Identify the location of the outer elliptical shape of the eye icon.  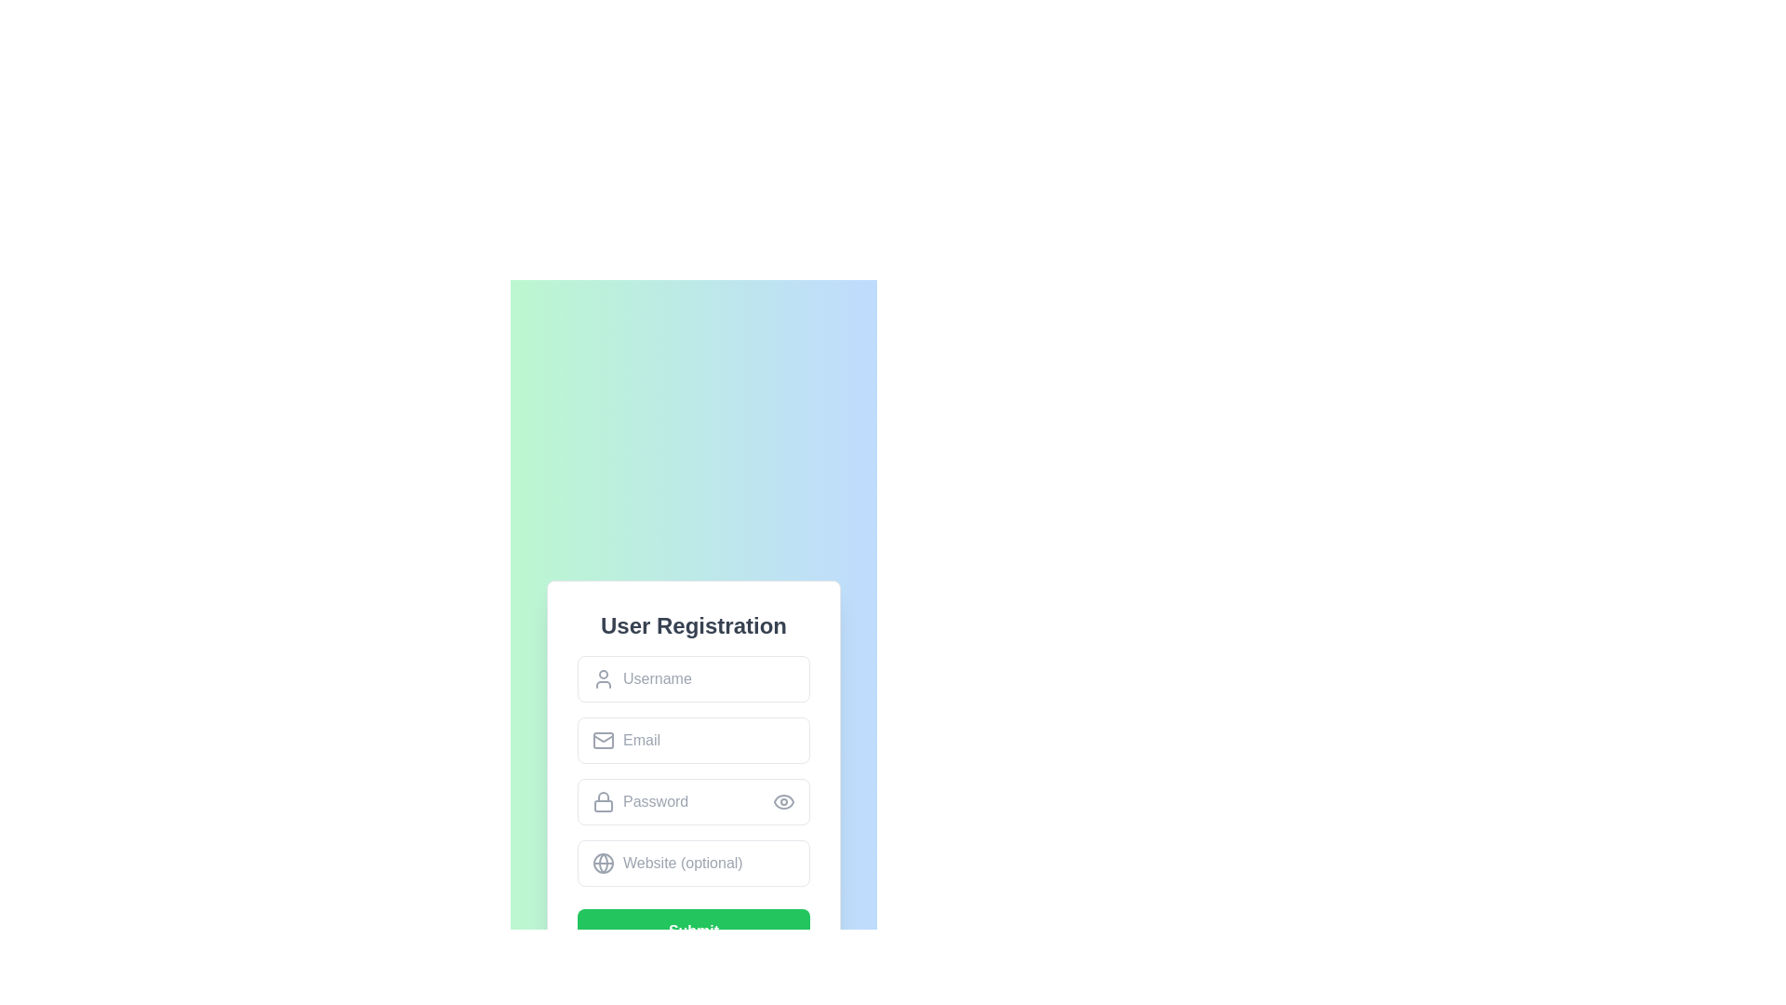
(784, 800).